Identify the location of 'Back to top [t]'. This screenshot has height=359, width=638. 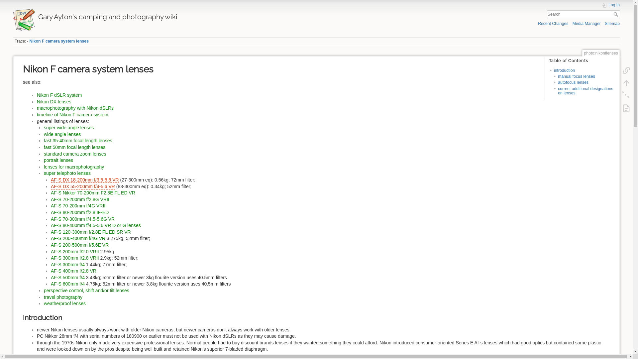
(618, 83).